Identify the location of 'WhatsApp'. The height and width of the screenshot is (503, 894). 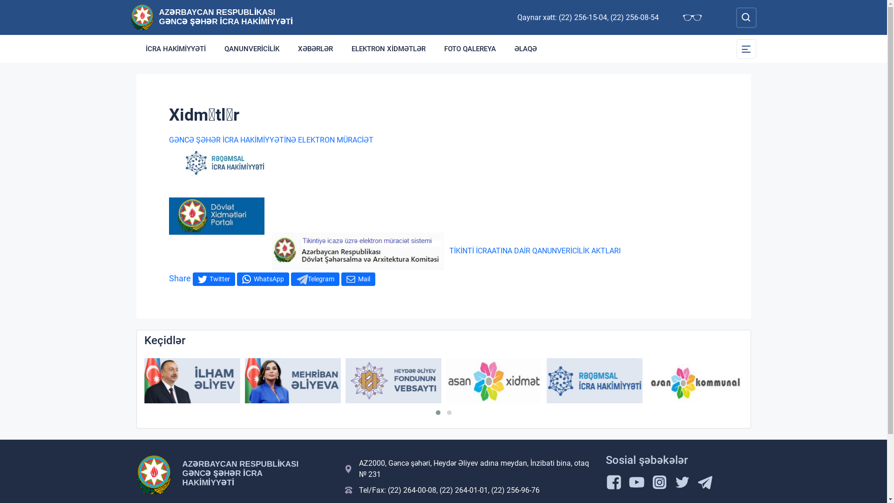
(262, 279).